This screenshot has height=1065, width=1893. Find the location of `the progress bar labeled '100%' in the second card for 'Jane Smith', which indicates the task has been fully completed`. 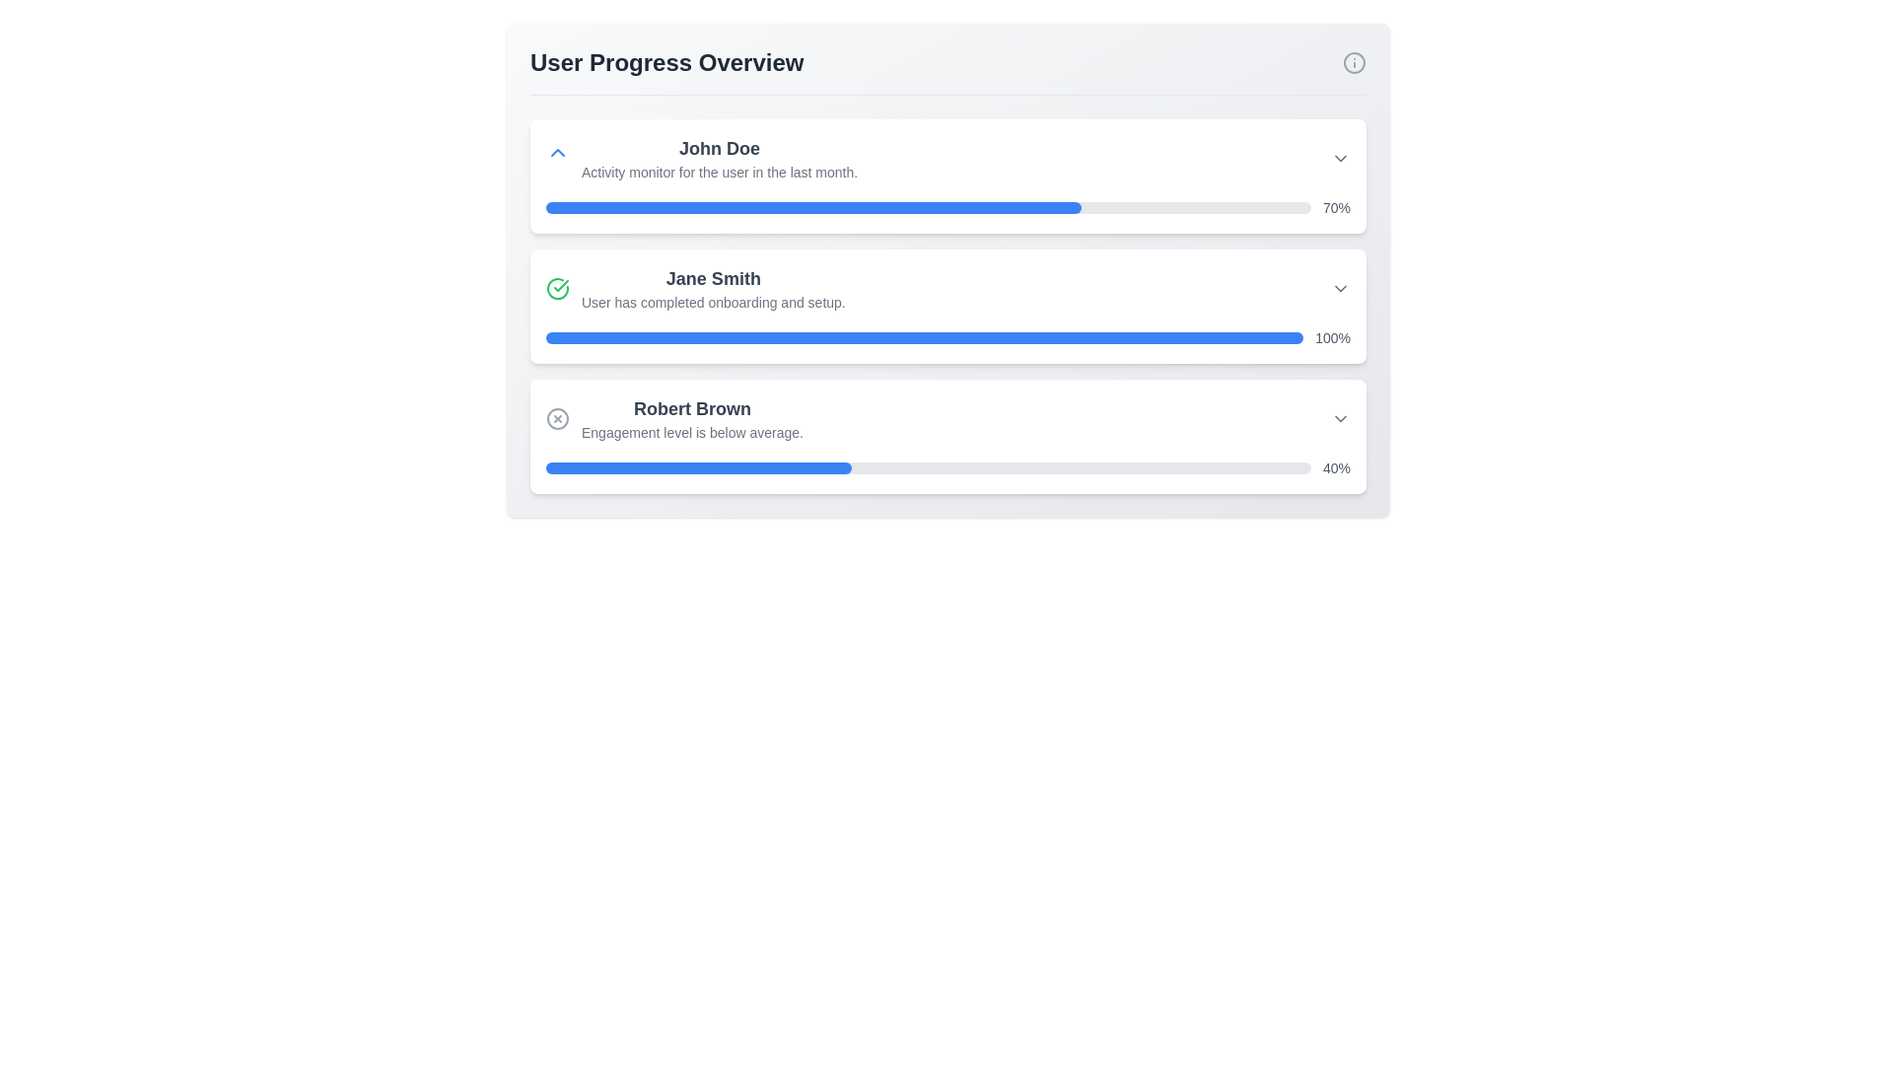

the progress bar labeled '100%' in the second card for 'Jane Smith', which indicates the task has been fully completed is located at coordinates (947, 337).